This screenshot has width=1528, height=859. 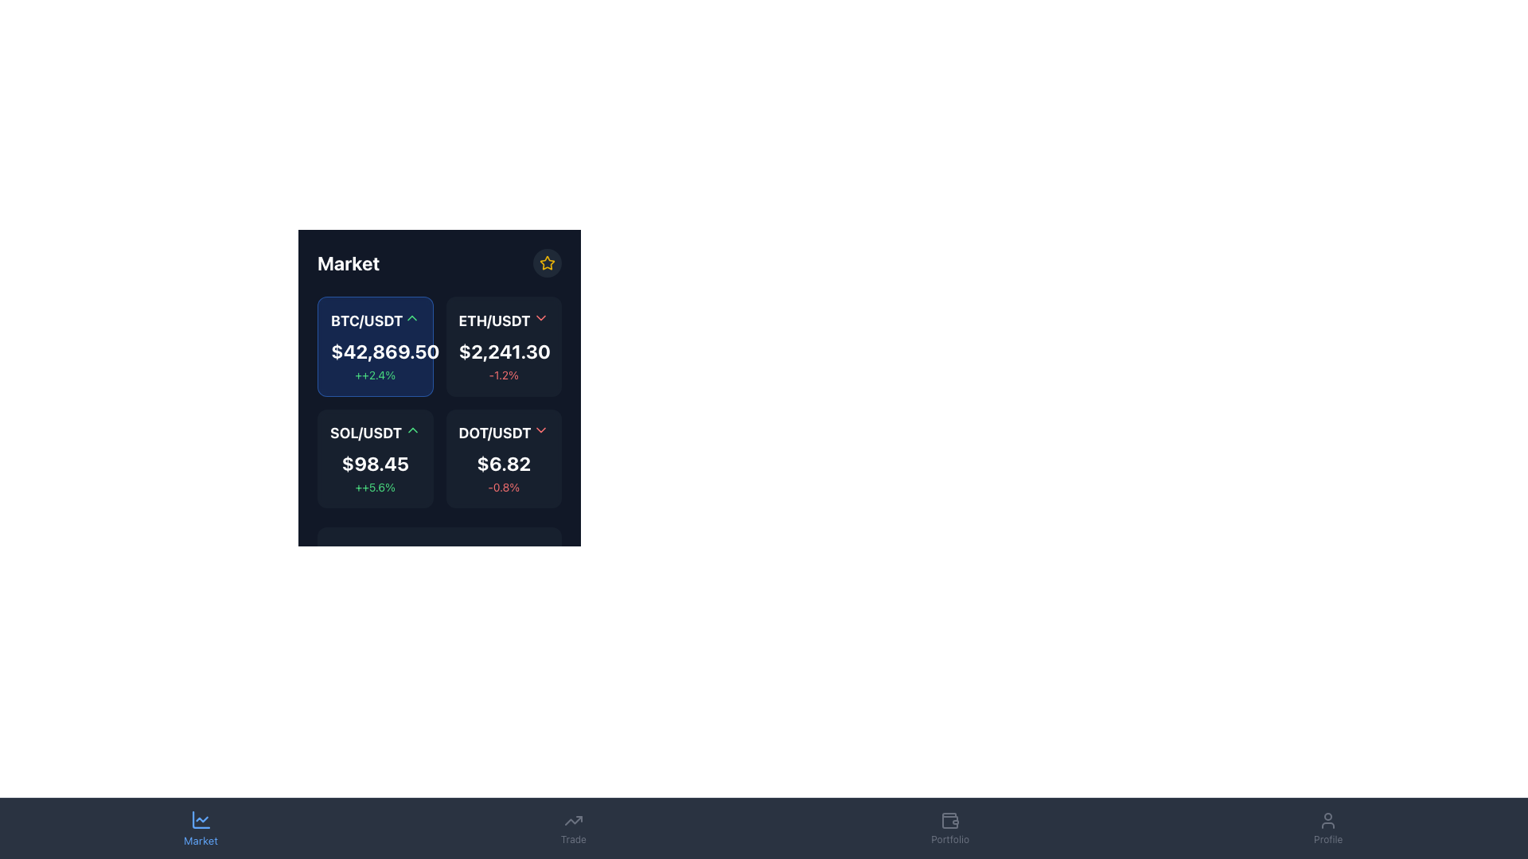 What do you see at coordinates (374, 375) in the screenshot?
I see `the text label displaying '++2.4%' which indicates a positive change in the BTC/USDT card, located directly below the price value '$42,869.50'` at bounding box center [374, 375].